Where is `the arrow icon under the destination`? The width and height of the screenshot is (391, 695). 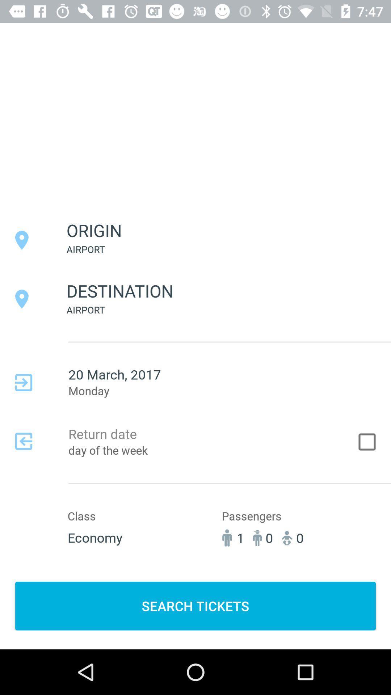 the arrow icon under the destination is located at coordinates (23, 382).